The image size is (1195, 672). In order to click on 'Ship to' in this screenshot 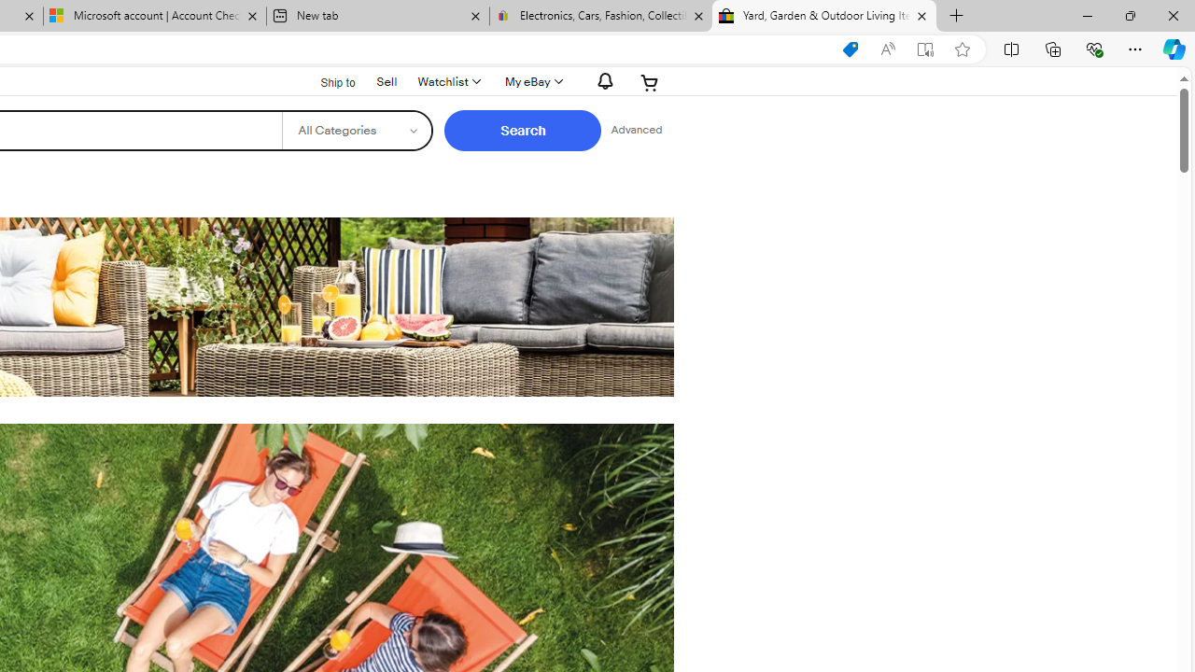, I will do `click(326, 80)`.